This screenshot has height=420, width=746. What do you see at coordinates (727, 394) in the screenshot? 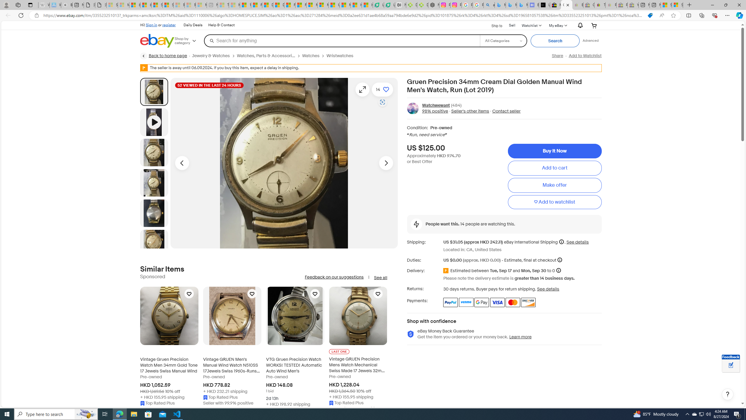
I see `'Help, opens dialogs'` at bounding box center [727, 394].